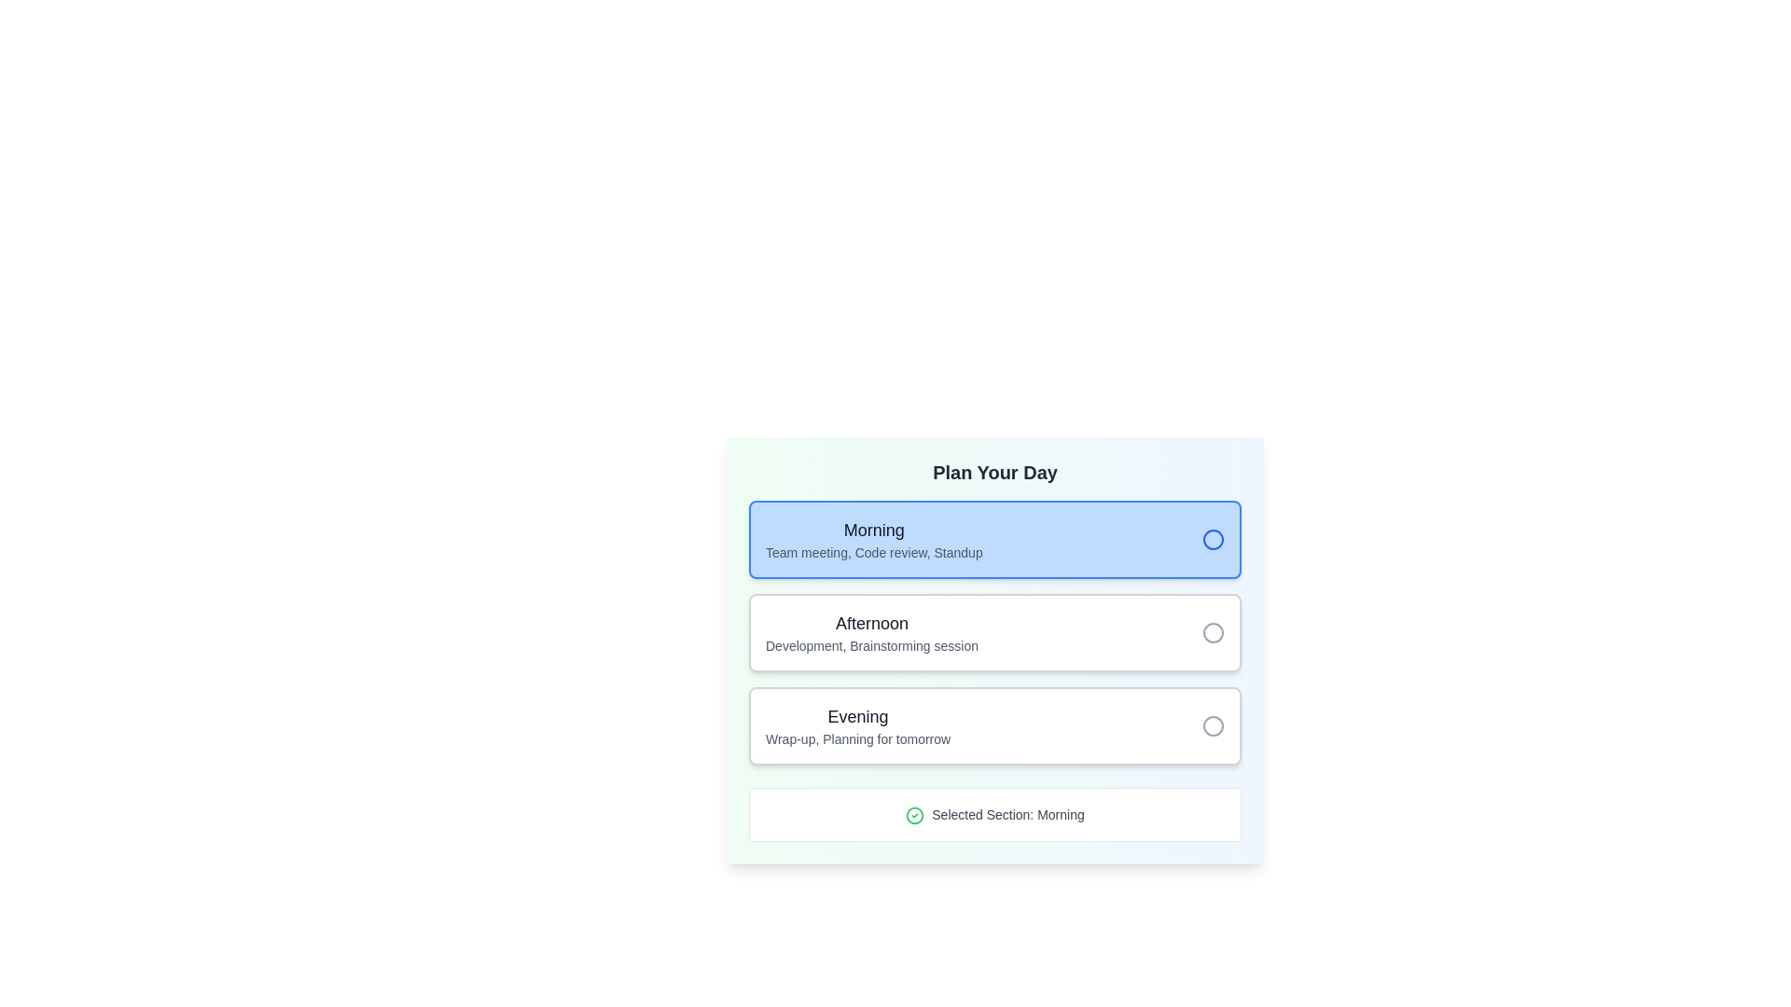 The image size is (1791, 1007). I want to click on the Circular indicator button for the 'Afternoon' section, so click(1213, 631).